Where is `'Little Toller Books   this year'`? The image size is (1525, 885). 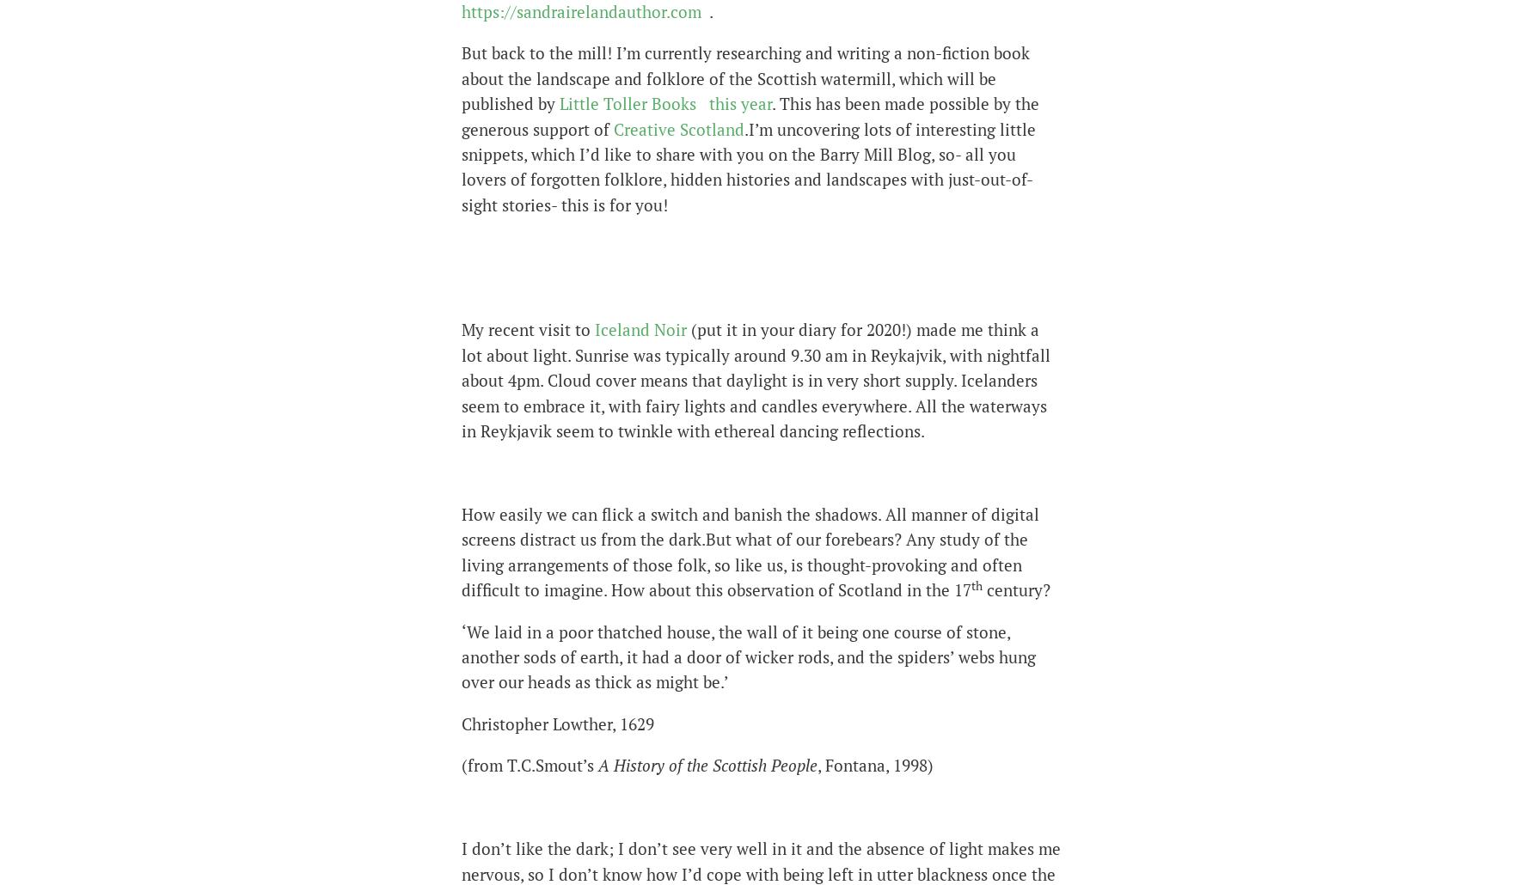
'Little Toller Books   this year' is located at coordinates (665, 102).